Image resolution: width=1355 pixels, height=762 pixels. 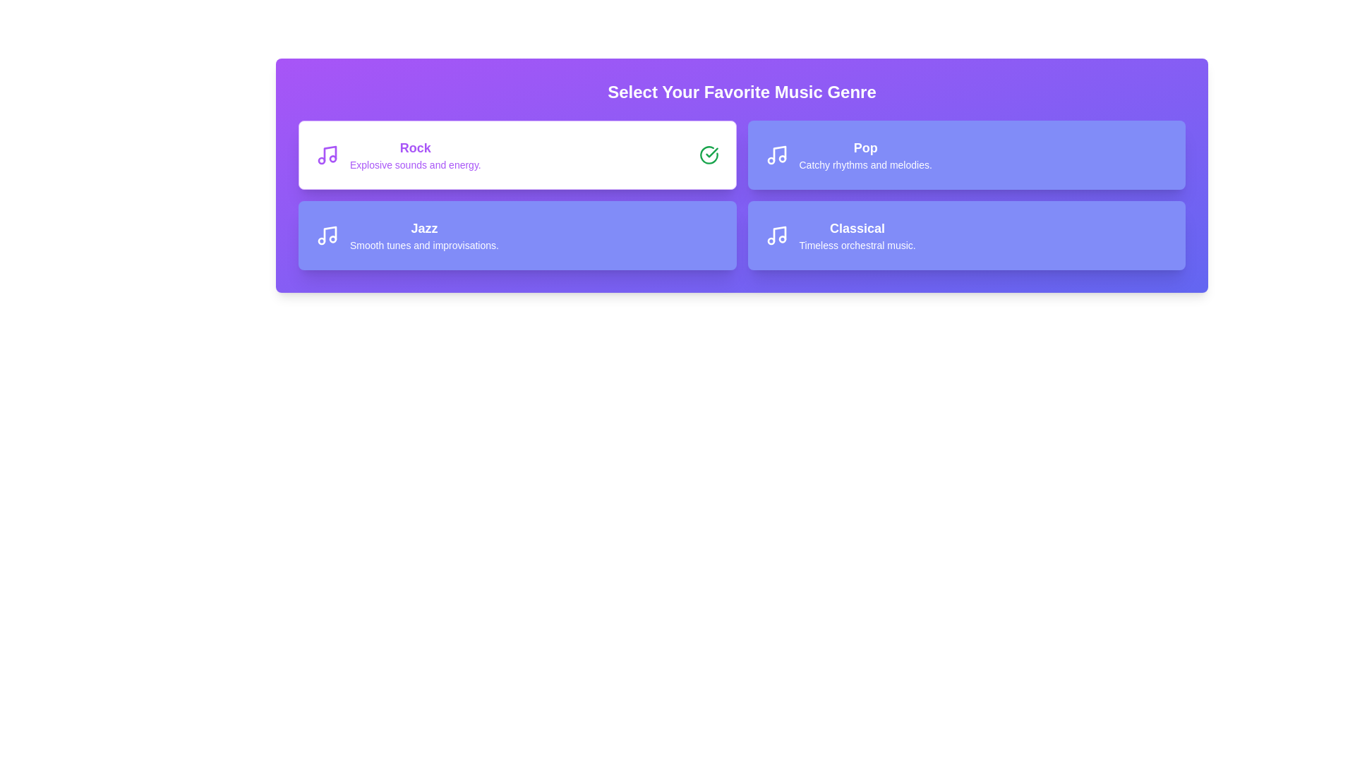 What do you see at coordinates (865, 147) in the screenshot?
I see `the blue button containing the 'Pop' text label that is aligned to the left and centered vertically` at bounding box center [865, 147].